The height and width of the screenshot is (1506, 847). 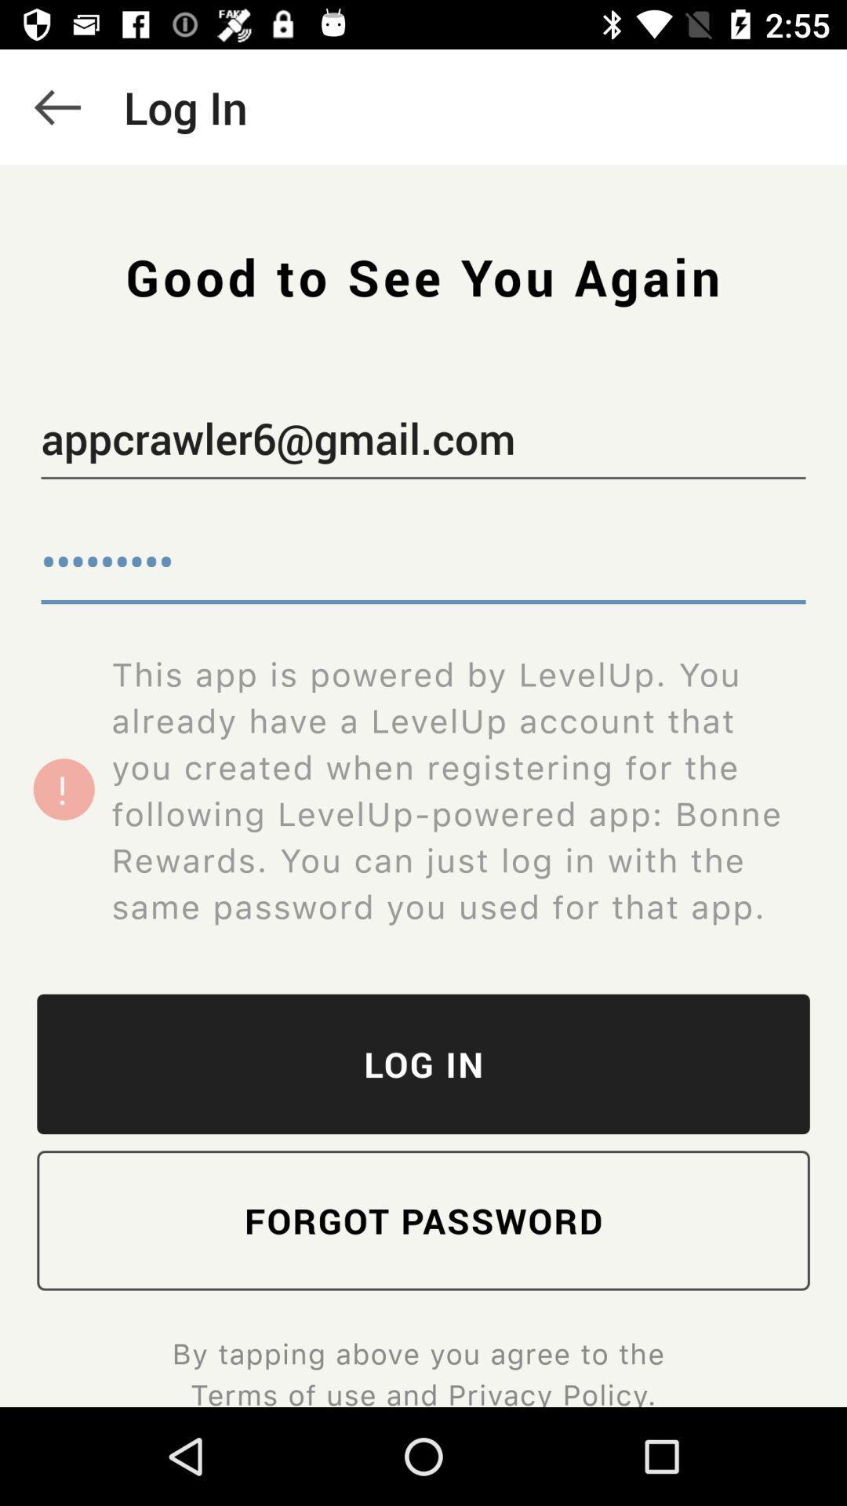 I want to click on icon above the by tapping above item, so click(x=423, y=1220).